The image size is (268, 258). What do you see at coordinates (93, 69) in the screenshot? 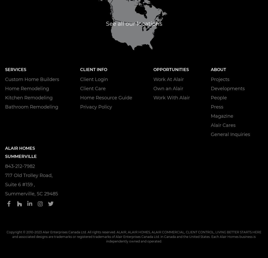
I see `'Client Info'` at bounding box center [93, 69].